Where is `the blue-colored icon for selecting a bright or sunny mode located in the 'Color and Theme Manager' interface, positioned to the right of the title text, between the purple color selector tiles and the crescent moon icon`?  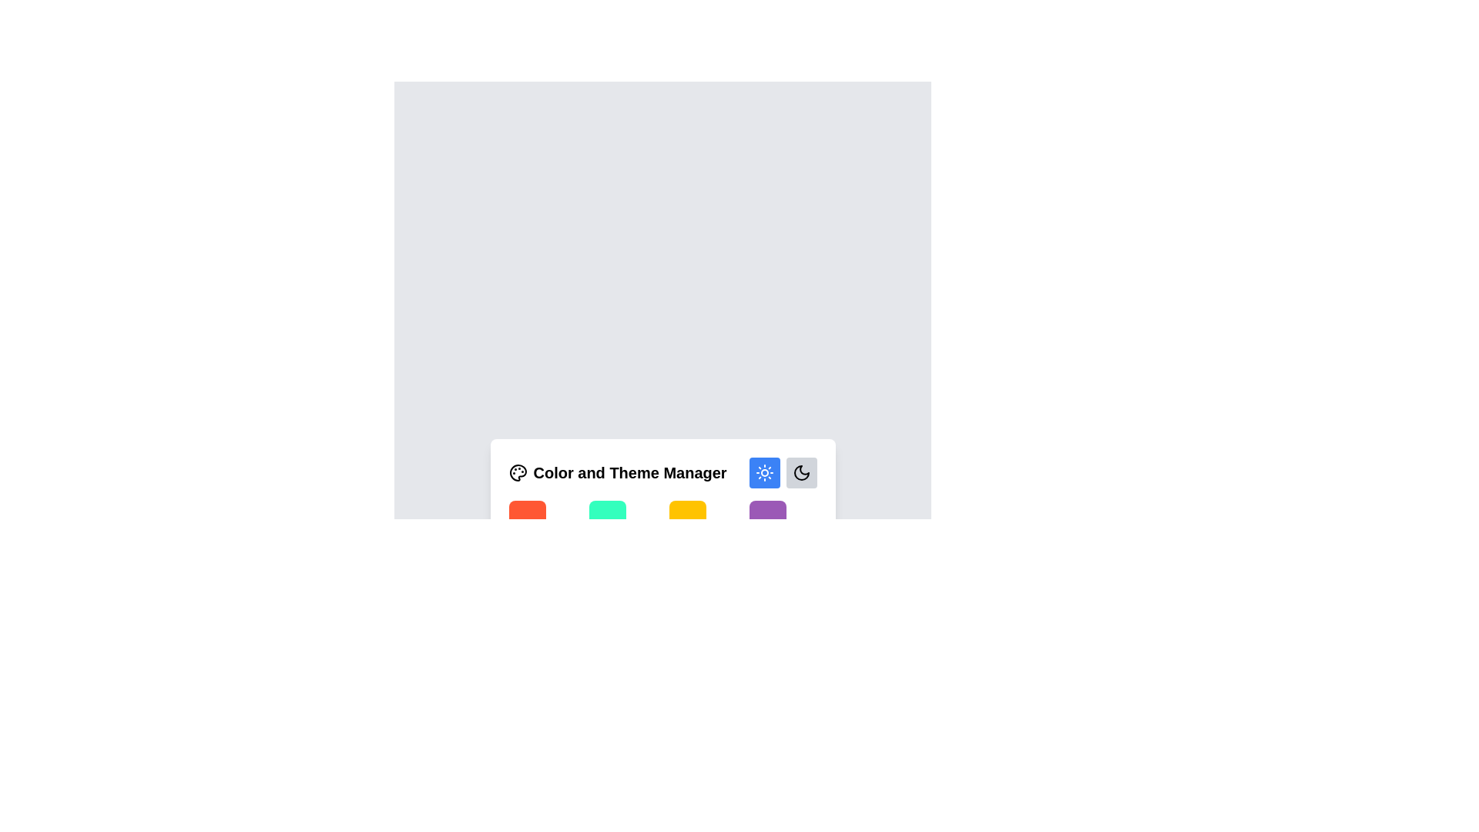 the blue-colored icon for selecting a bright or sunny mode located in the 'Color and Theme Manager' interface, positioned to the right of the title text, between the purple color selector tiles and the crescent moon icon is located at coordinates (764, 471).